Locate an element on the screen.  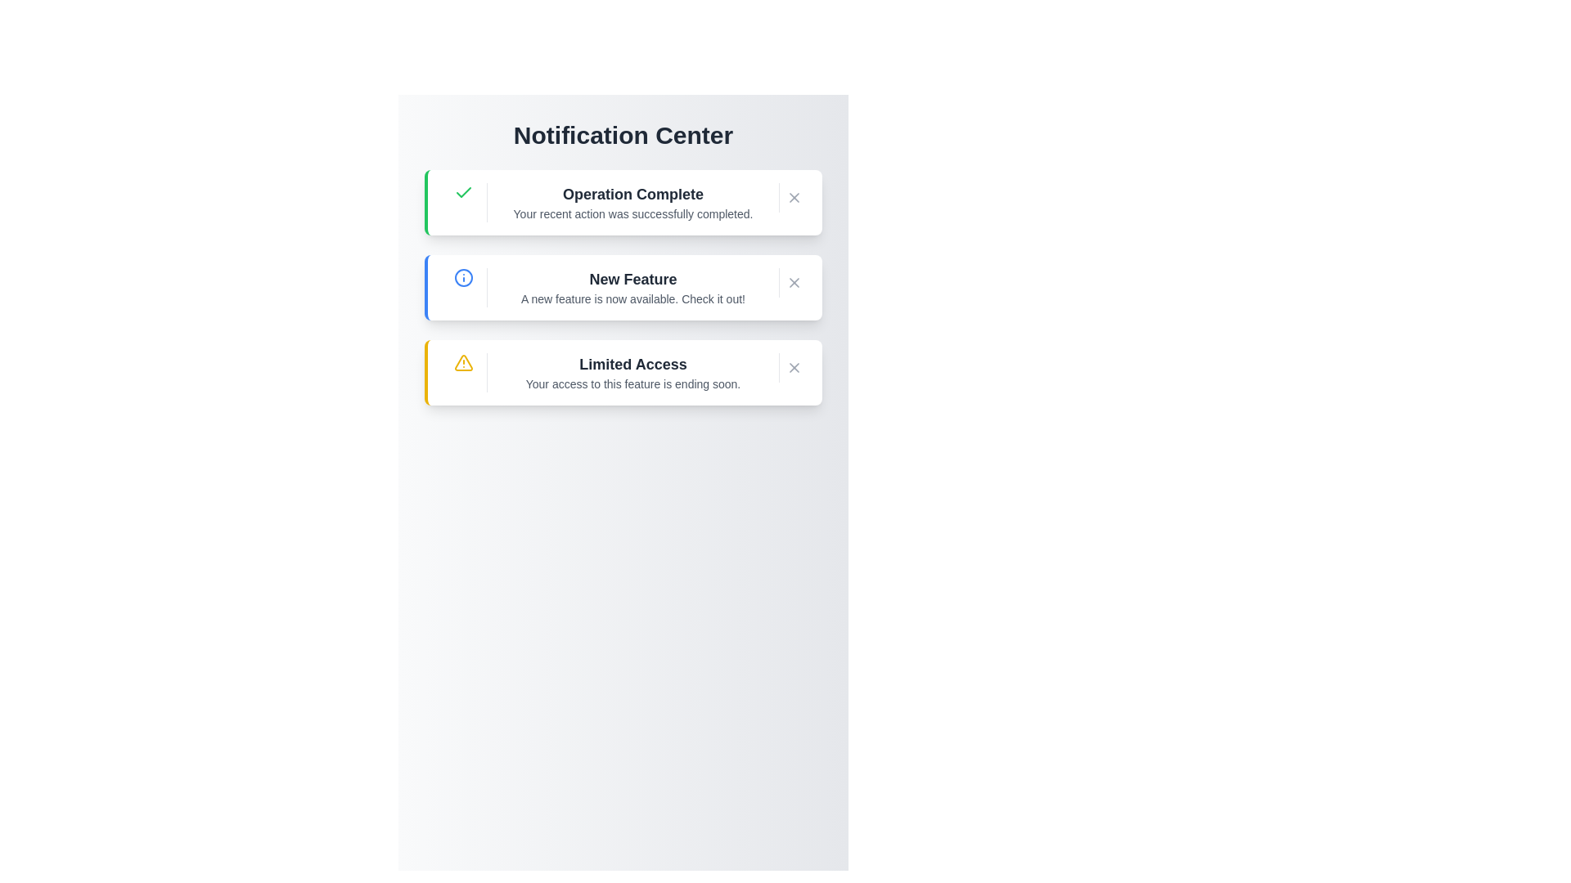
the status of the checkmark SVG icon indicating a completed operation, located to the left of the 'Operation Complete' text in the first notification card is located at coordinates (462, 191).